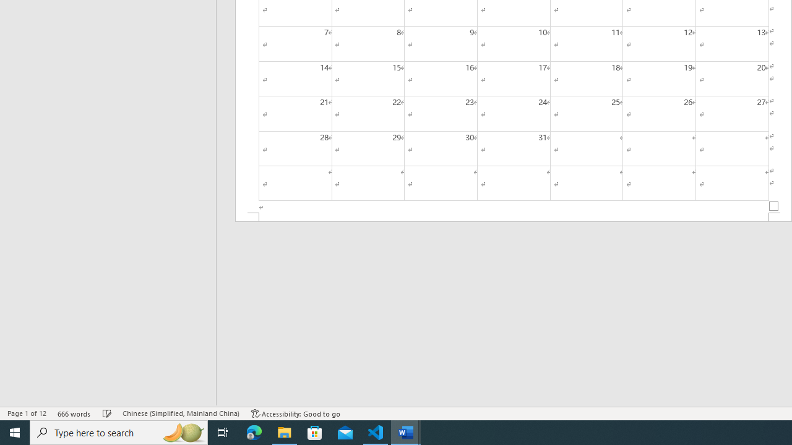 This screenshot has height=445, width=792. Describe the element at coordinates (74, 413) in the screenshot. I see `'Word Count 666 words'` at that location.